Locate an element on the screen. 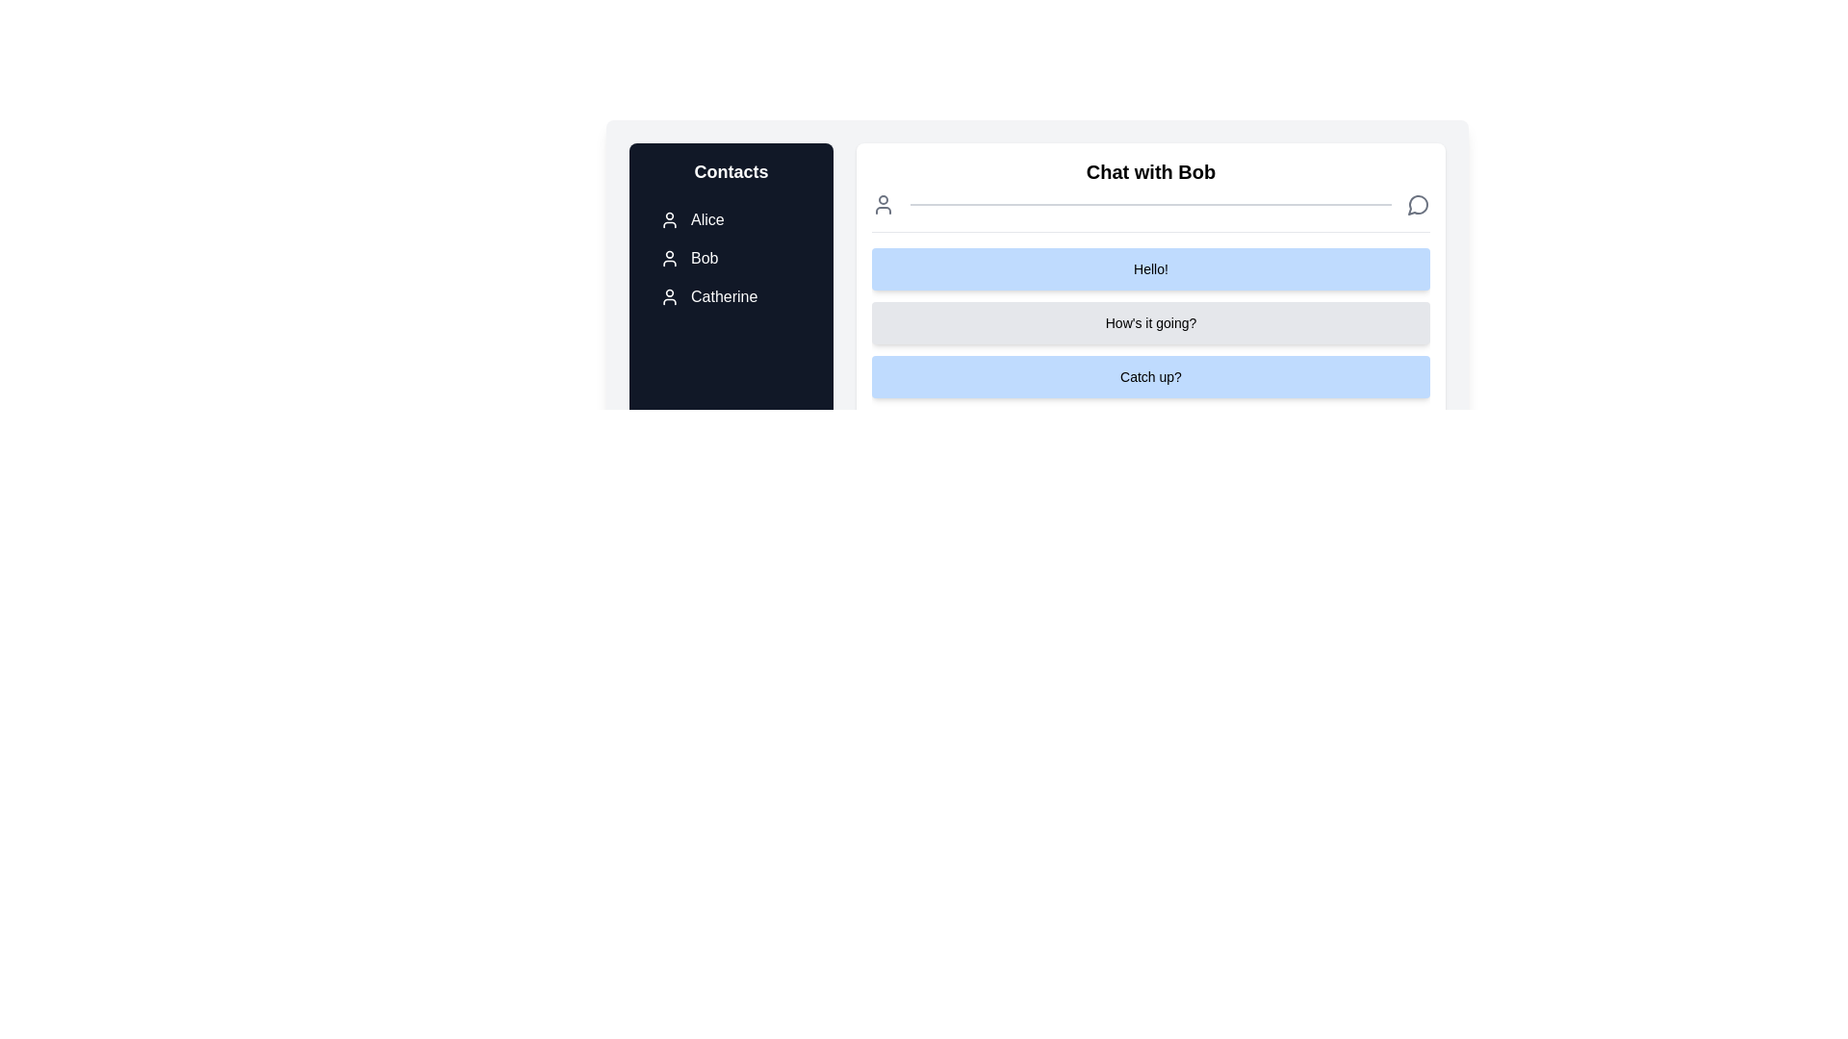 This screenshot has height=1039, width=1848. the visual separator element located centrally between the user icon and speech bubble icon, which serves as a structural divider within the interface is located at coordinates (1150, 204).